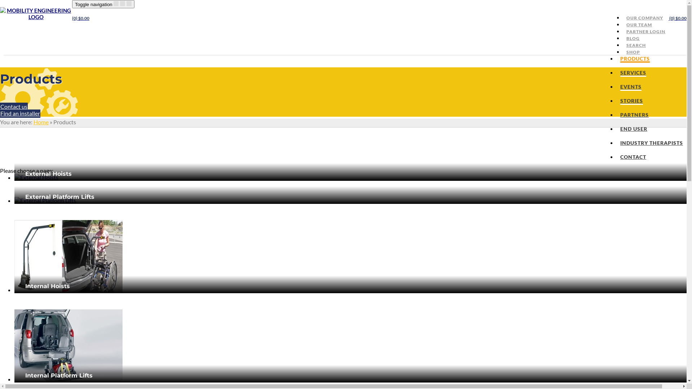 Image resolution: width=692 pixels, height=389 pixels. I want to click on 'END USER', so click(633, 129).